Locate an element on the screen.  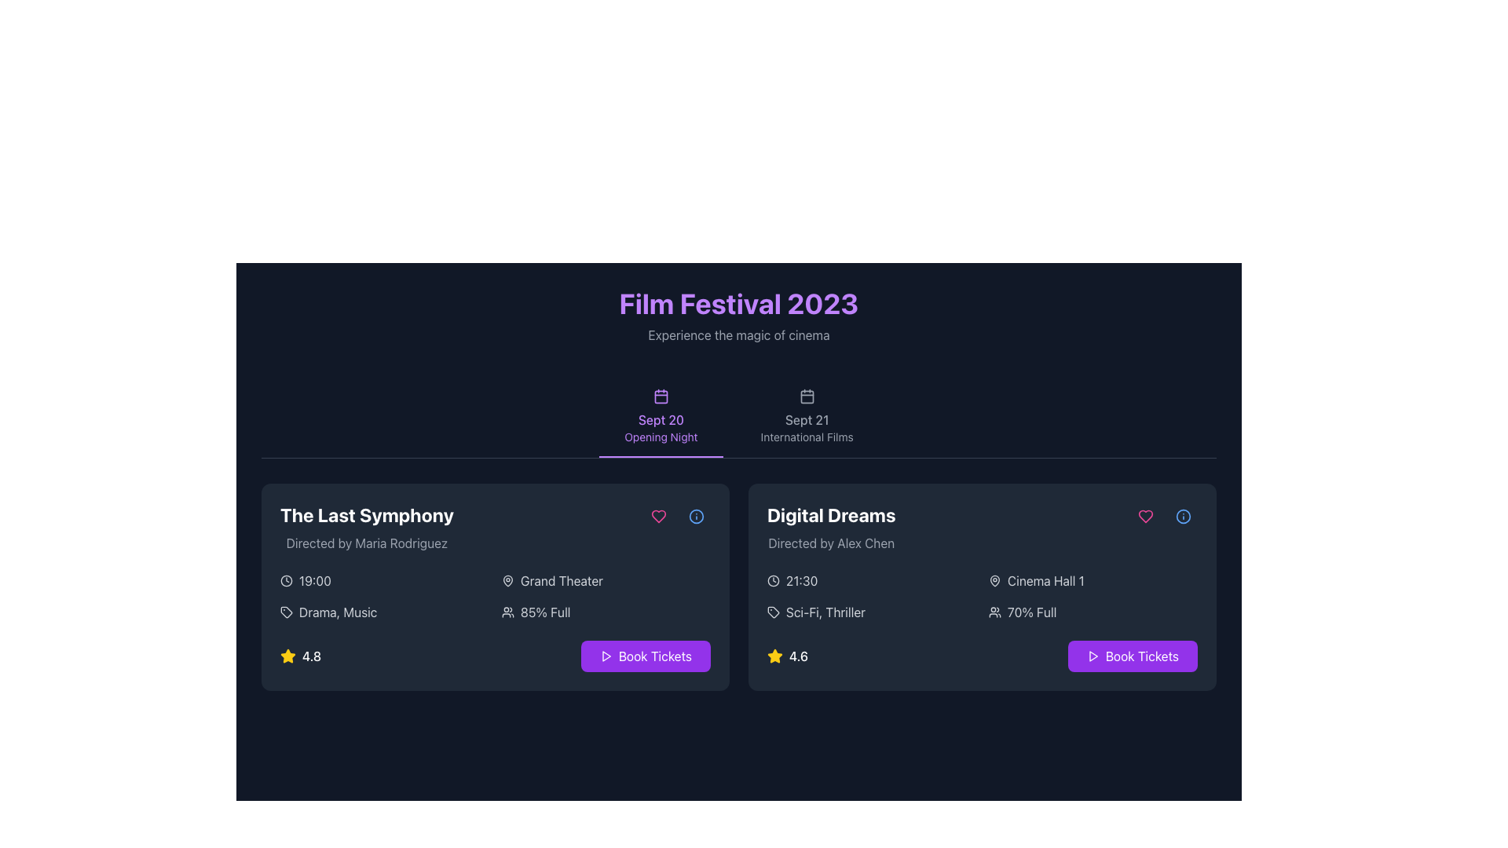
the text label that indicates the genre information for 'The Last Symphony' film event, located beneath the event's name and time is located at coordinates (337, 611).